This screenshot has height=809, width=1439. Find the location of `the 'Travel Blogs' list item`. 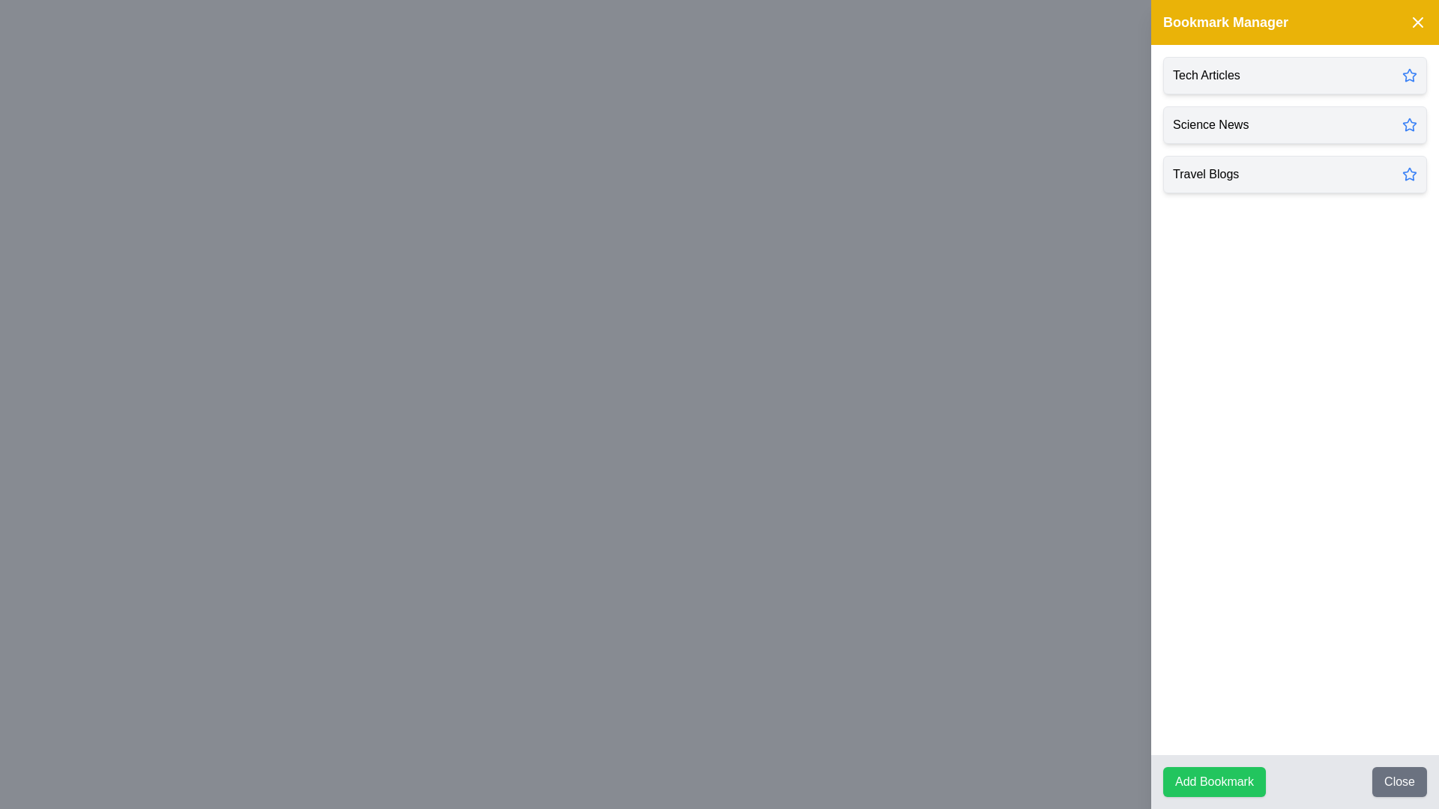

the 'Travel Blogs' list item is located at coordinates (1294, 173).